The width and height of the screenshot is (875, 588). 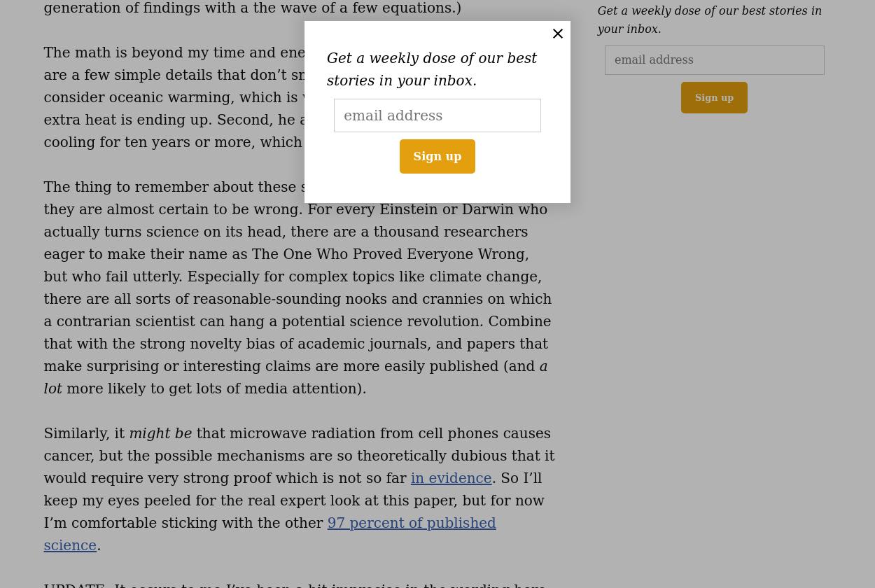 What do you see at coordinates (293, 500) in the screenshot?
I see `'. So I’ll keep my eyes peeled for the real expert look at this paper, but for now I’m comfortable sticking with the other'` at bounding box center [293, 500].